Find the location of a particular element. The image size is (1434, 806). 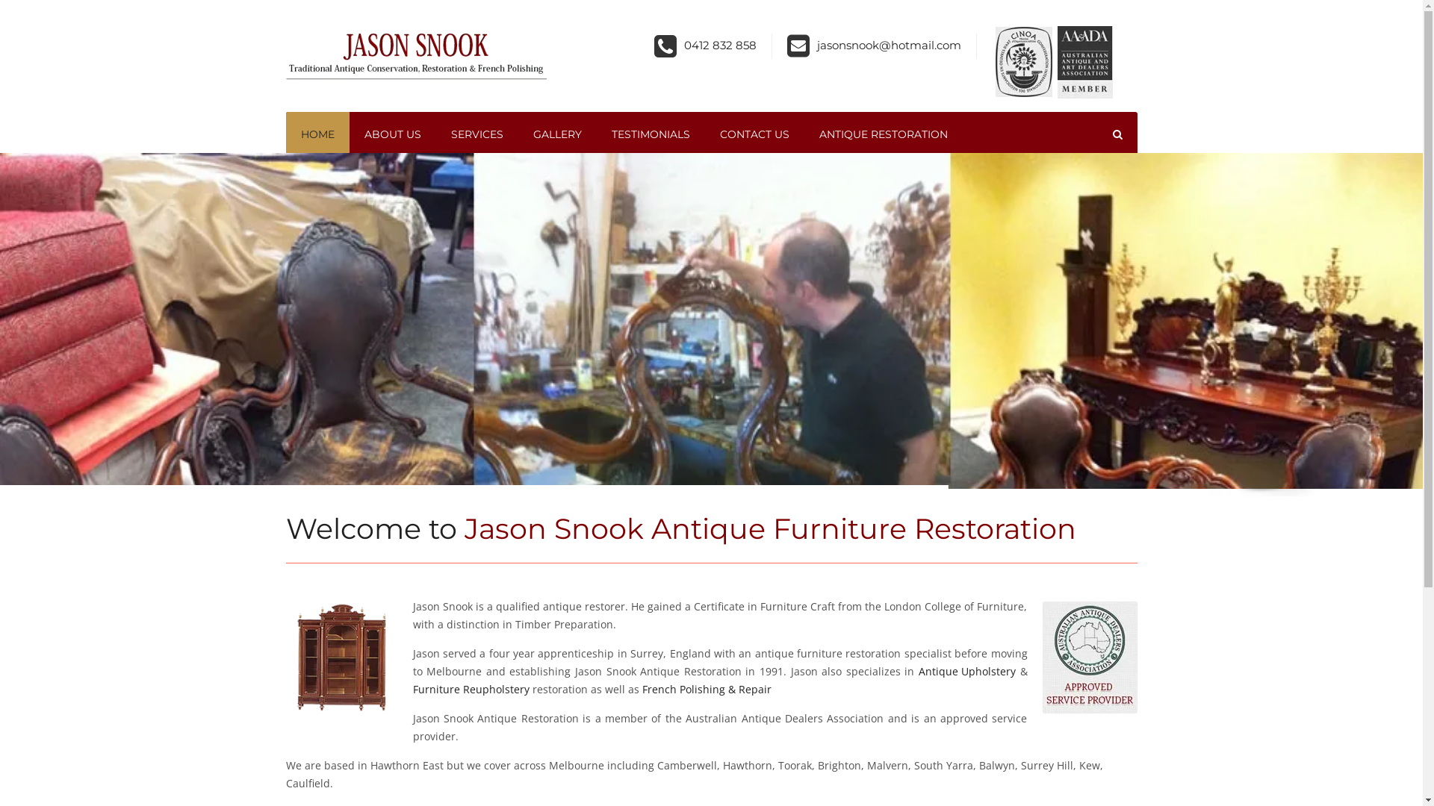

'Antique Upholstery' is located at coordinates (967, 670).